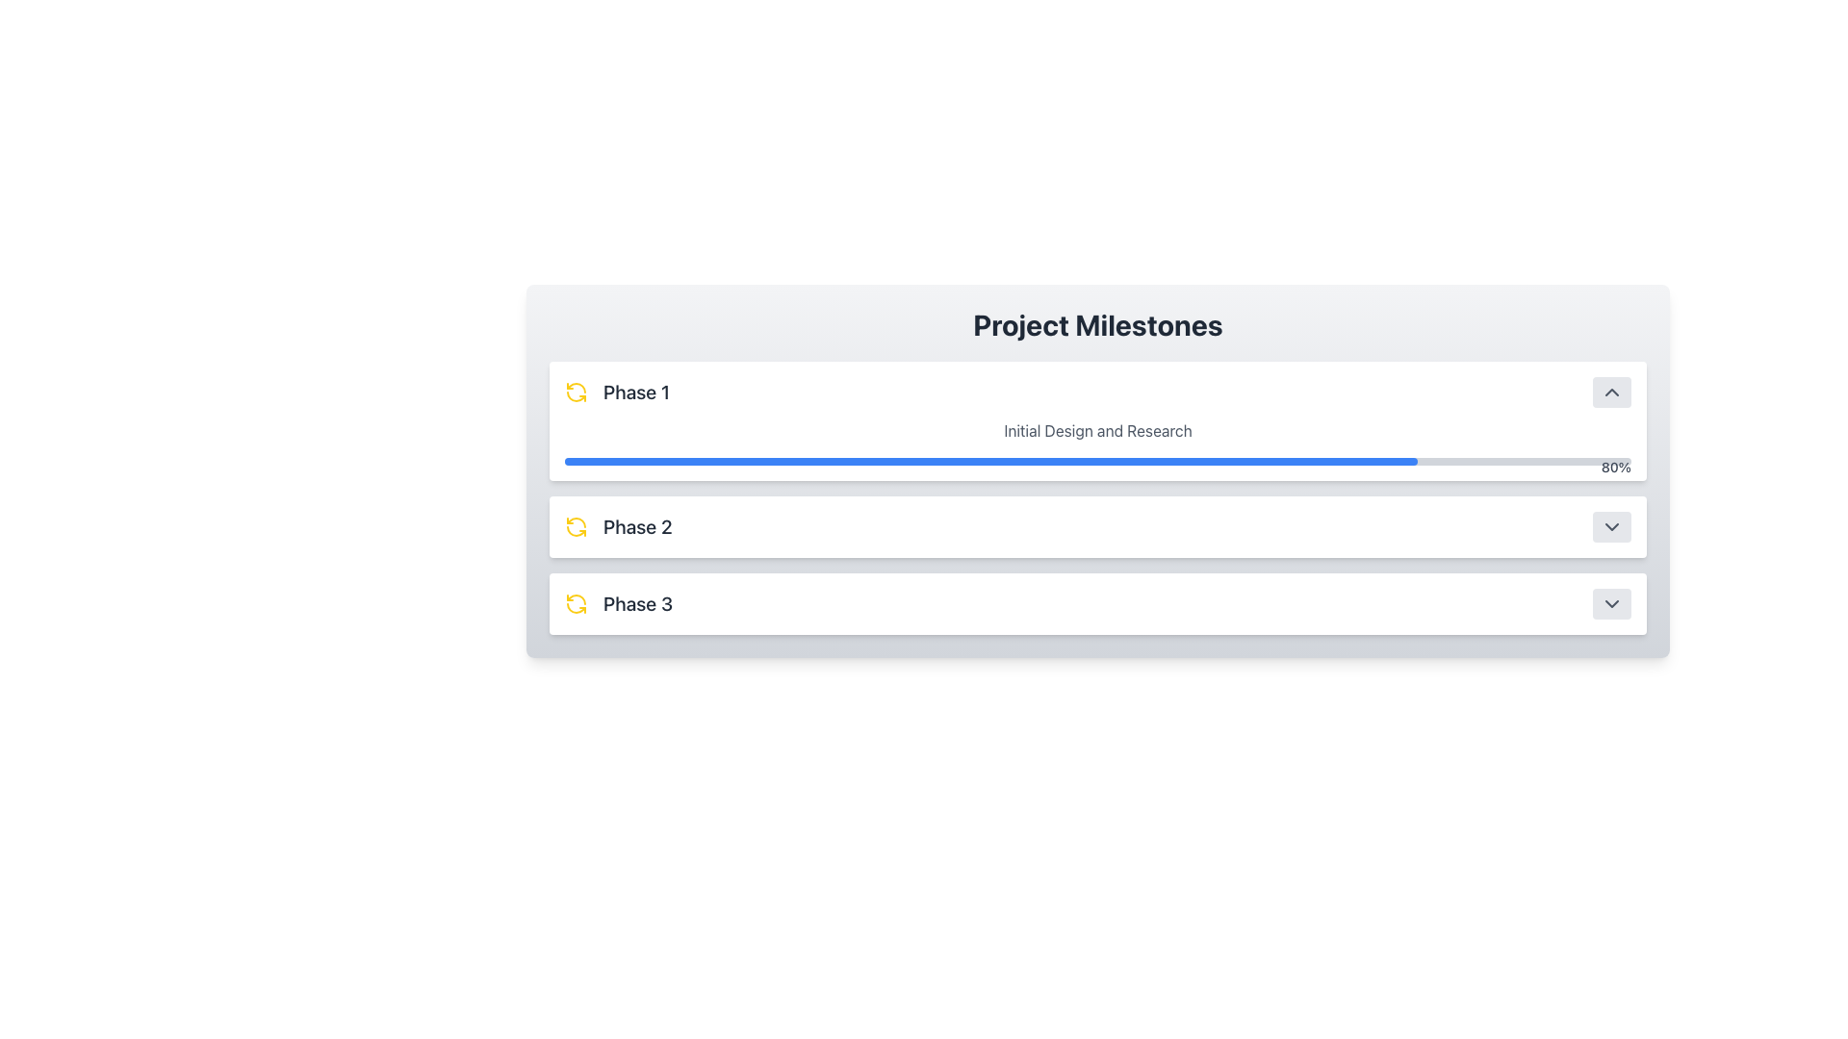 The height and width of the screenshot is (1039, 1848). I want to click on the dropdown toggle button located on the right side of the 'Phase 3' row in the 'Project Milestones' interface, so click(1612, 603).